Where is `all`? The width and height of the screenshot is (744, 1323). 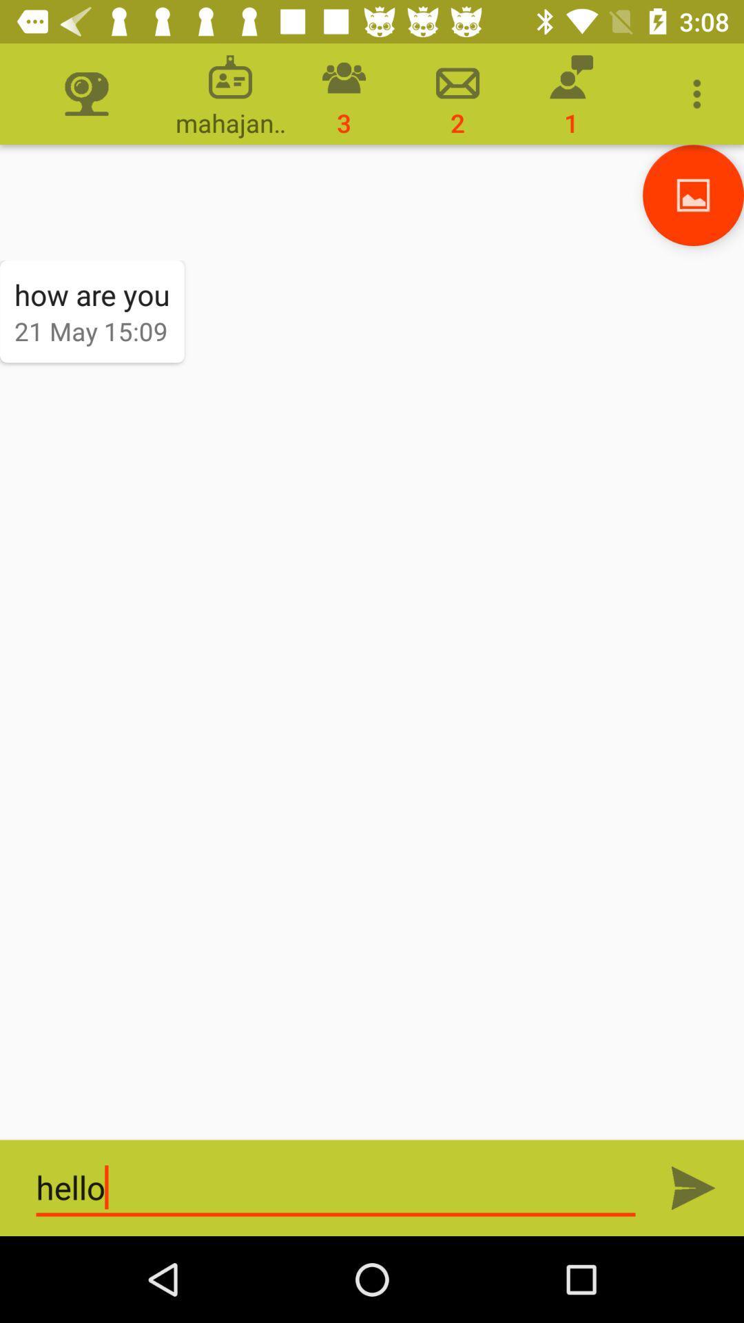
all is located at coordinates (693, 1187).